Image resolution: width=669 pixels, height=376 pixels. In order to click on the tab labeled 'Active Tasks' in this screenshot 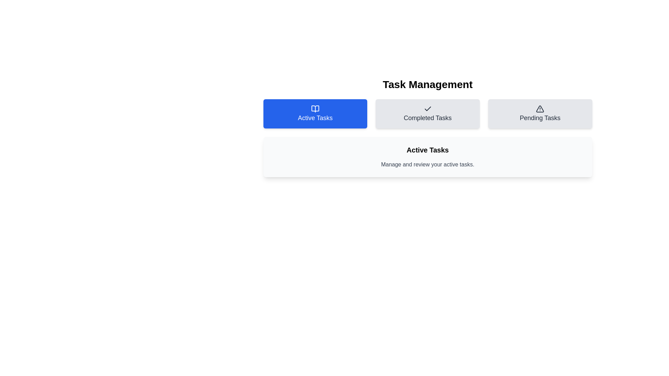, I will do `click(315, 113)`.